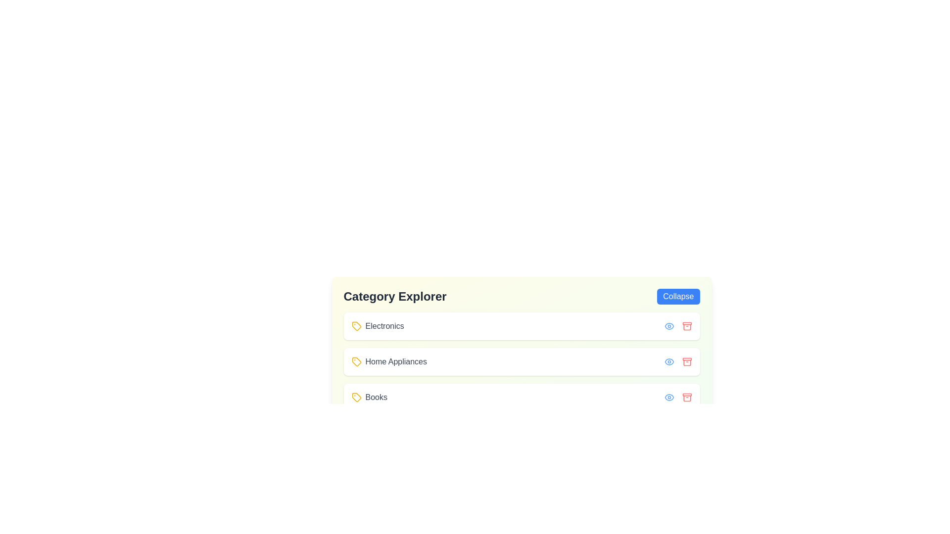 The image size is (950, 534). Describe the element at coordinates (356, 397) in the screenshot. I see `the category icon representing 'Books' in the 'Category Explorer' list, which is the third entry following 'Electronics' and 'Home Appliances'` at that location.